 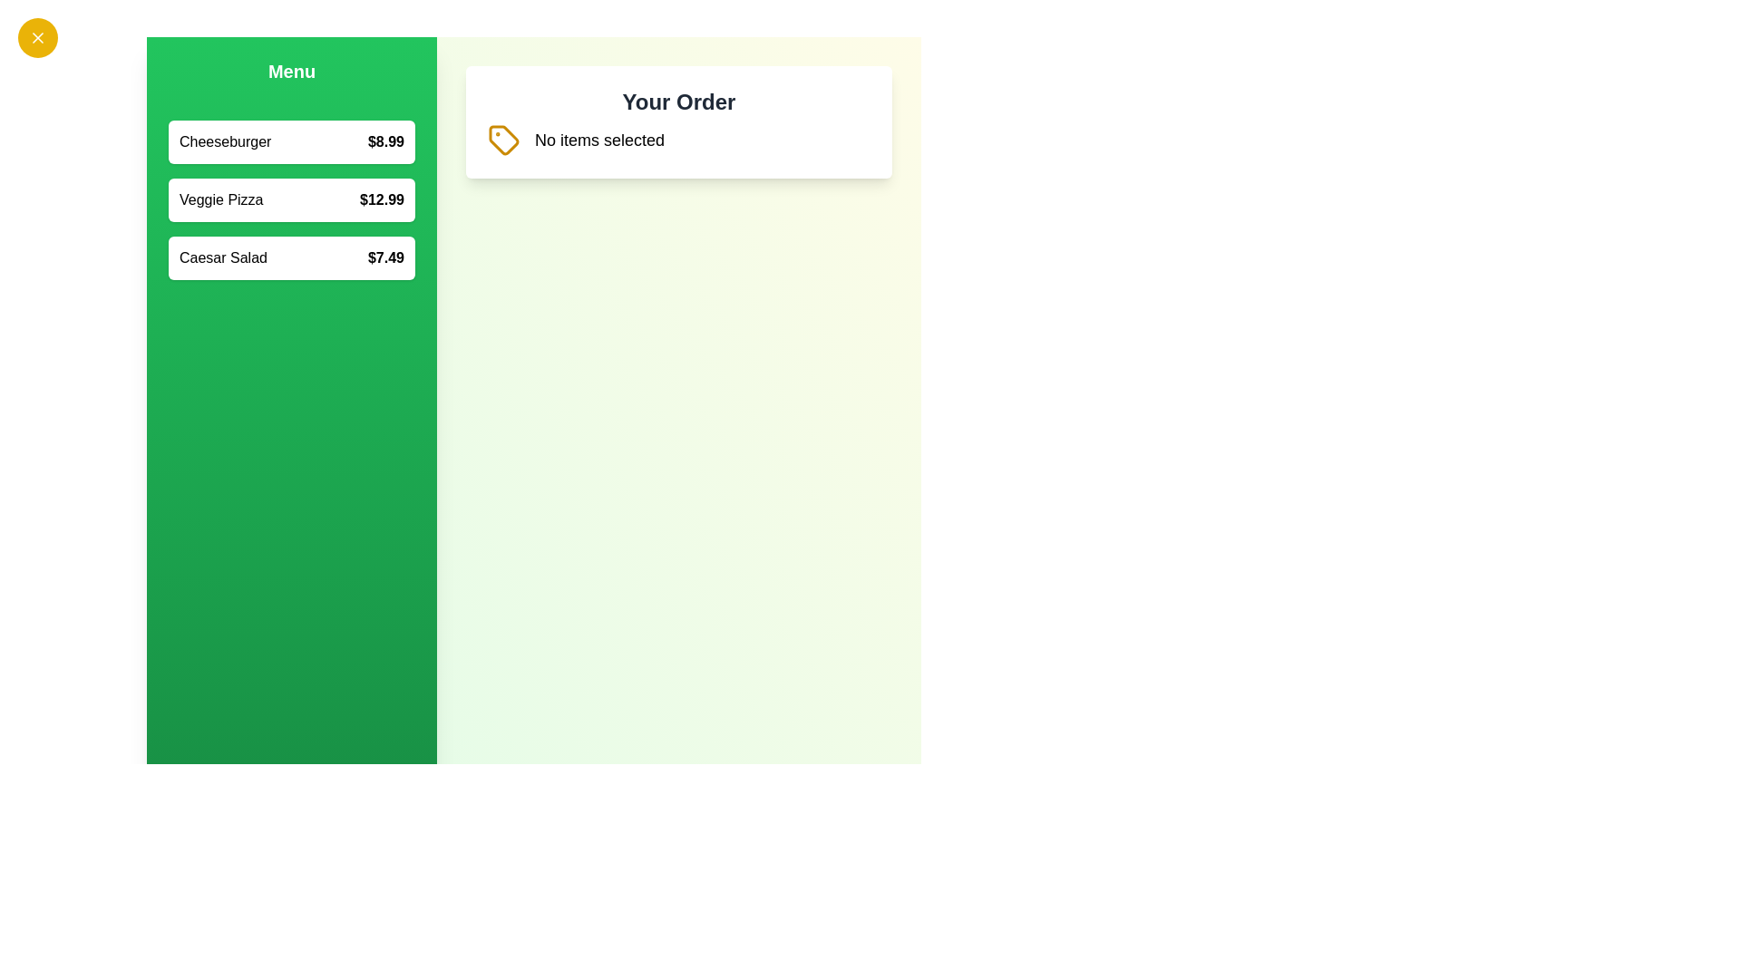 I want to click on the yellow button in the top-left corner to observe the background color change, so click(x=38, y=38).